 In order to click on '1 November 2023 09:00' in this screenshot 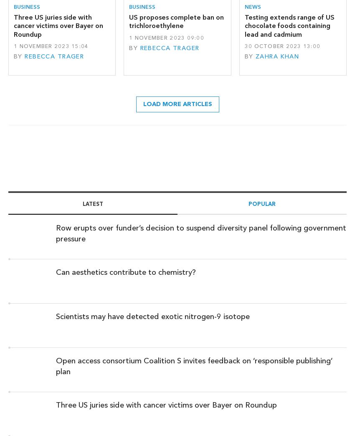, I will do `click(166, 37)`.